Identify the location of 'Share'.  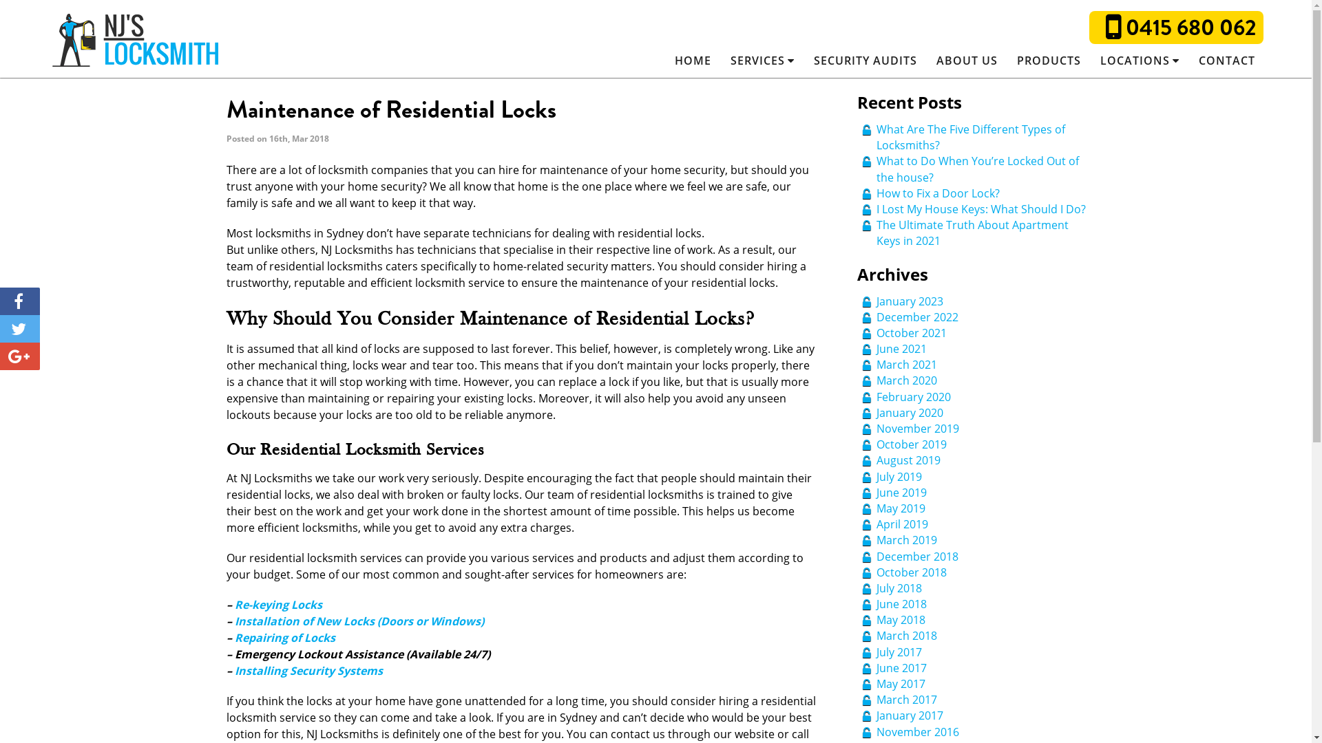
(19, 355).